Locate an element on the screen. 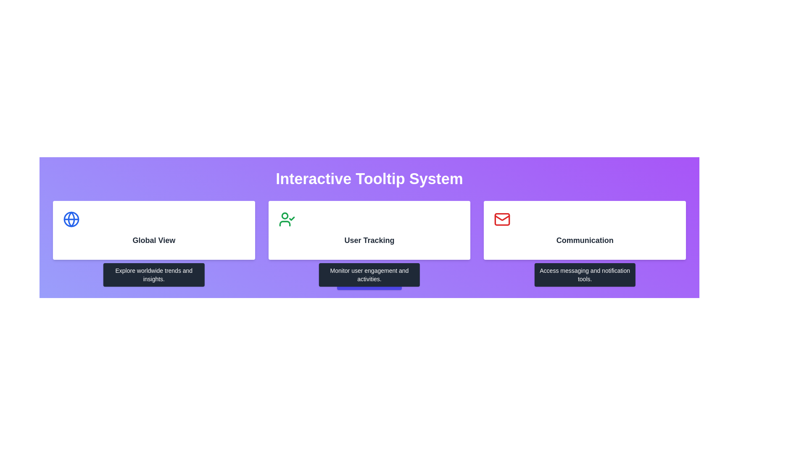  displayed text from the informational tooltip located directly underneath the 'User Tracking' card in the 'Interactive Tooltip System' interface is located at coordinates (369, 275).